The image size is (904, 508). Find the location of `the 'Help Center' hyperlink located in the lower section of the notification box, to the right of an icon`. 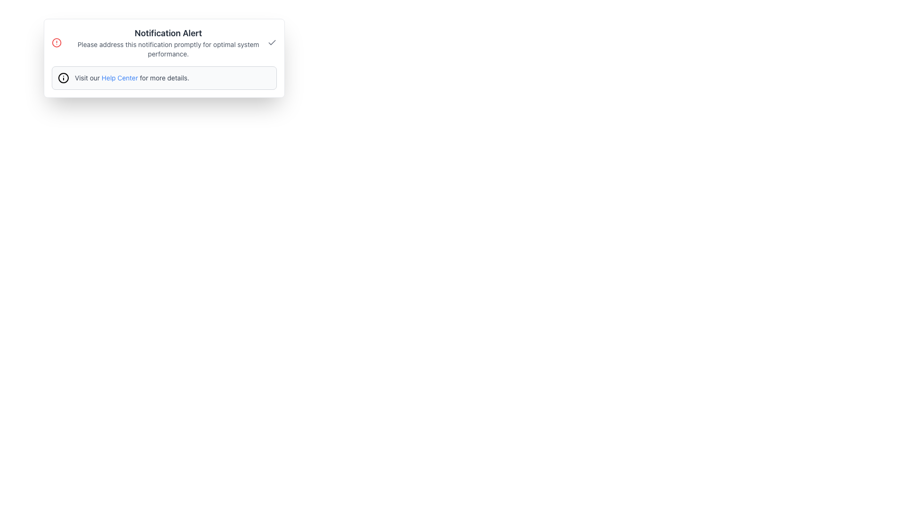

the 'Help Center' hyperlink located in the lower section of the notification box, to the right of an icon is located at coordinates (131, 77).